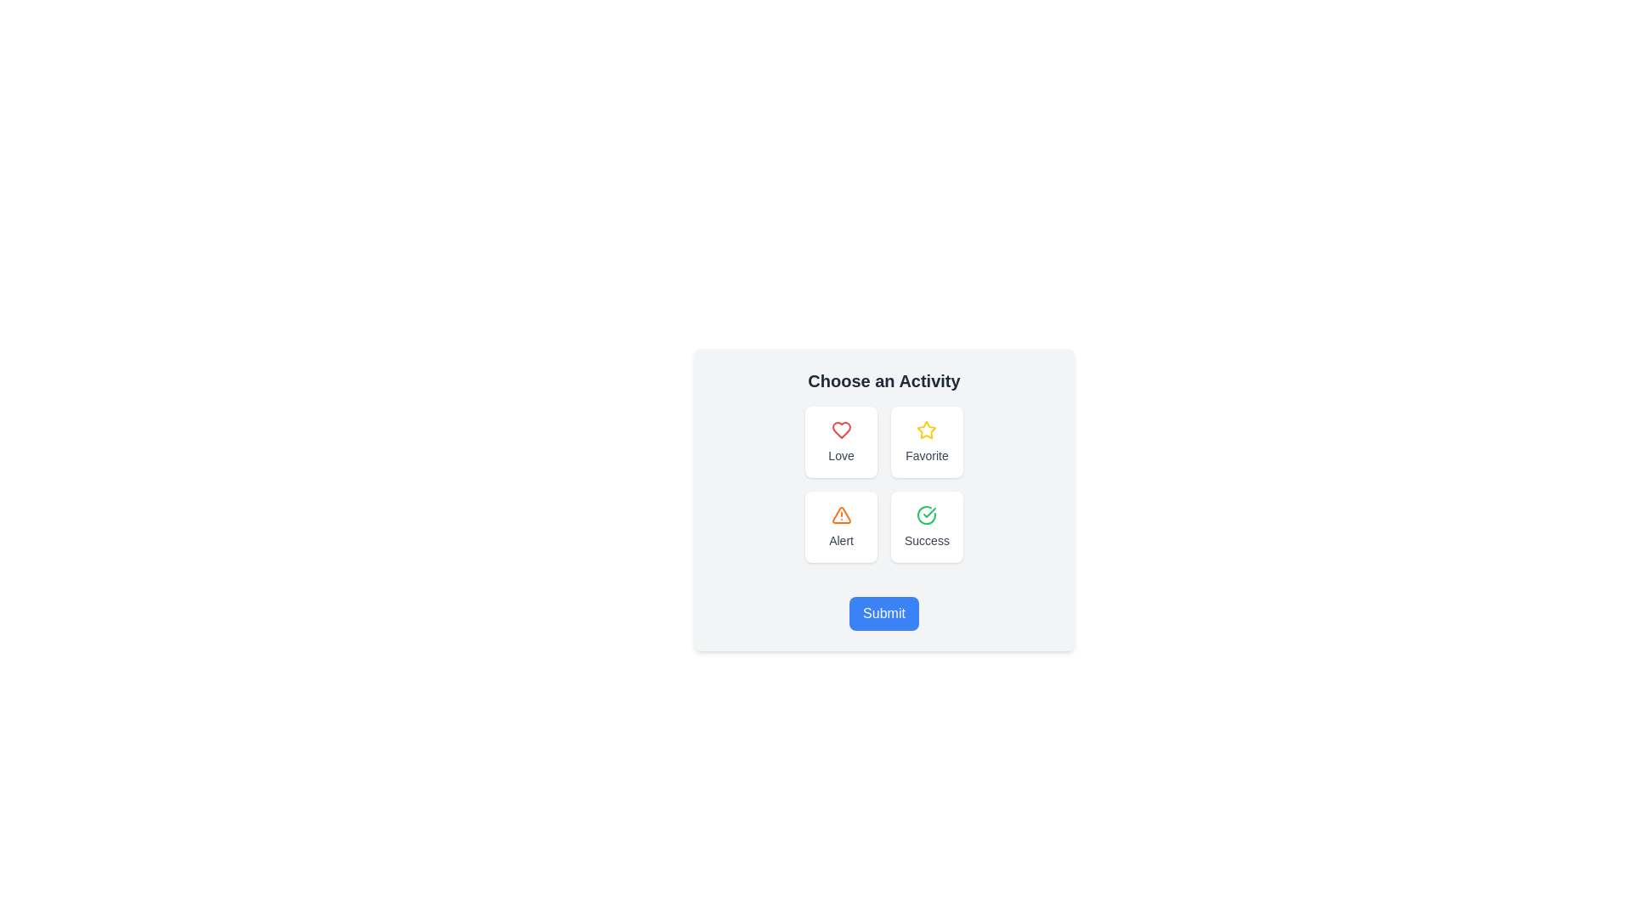 The width and height of the screenshot is (1631, 917). Describe the element at coordinates (926, 429) in the screenshot. I see `the star-shaped 'Favorite' icon outlined in yellow` at that location.